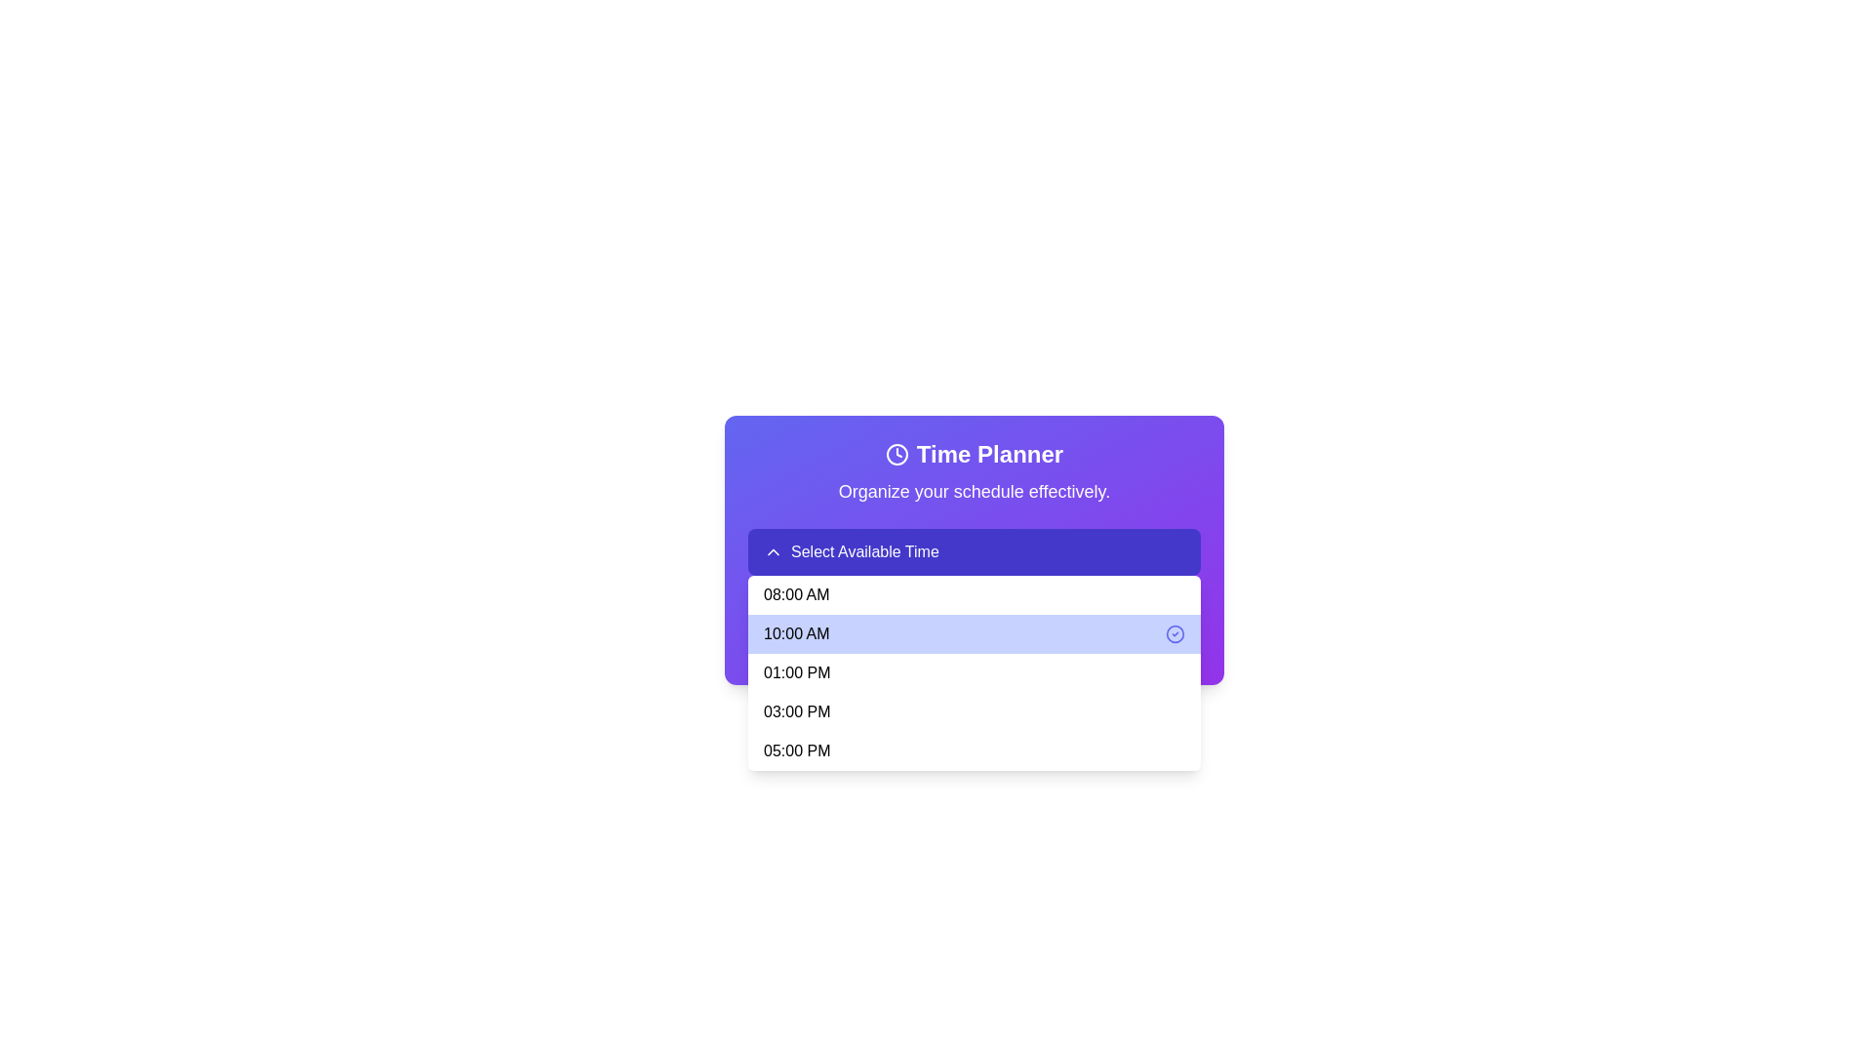 This screenshot has height=1054, width=1873. What do you see at coordinates (896, 455) in the screenshot?
I see `the clock-like icon with a circular outline and clock hands, which is positioned to the left of the 'Time Planner' text in the purple header area` at bounding box center [896, 455].